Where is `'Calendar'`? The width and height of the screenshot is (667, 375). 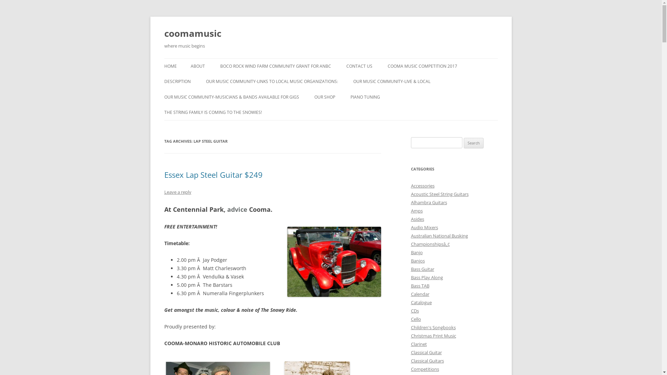 'Calendar' is located at coordinates (419, 294).